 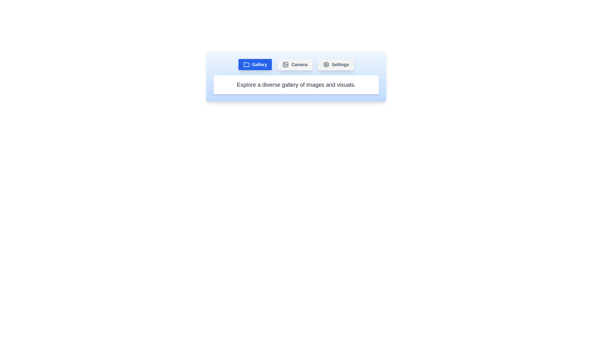 I want to click on the 'Settings' text label, which is styled in bold gray font and positioned inside a button next to a gear icon, so click(x=340, y=65).